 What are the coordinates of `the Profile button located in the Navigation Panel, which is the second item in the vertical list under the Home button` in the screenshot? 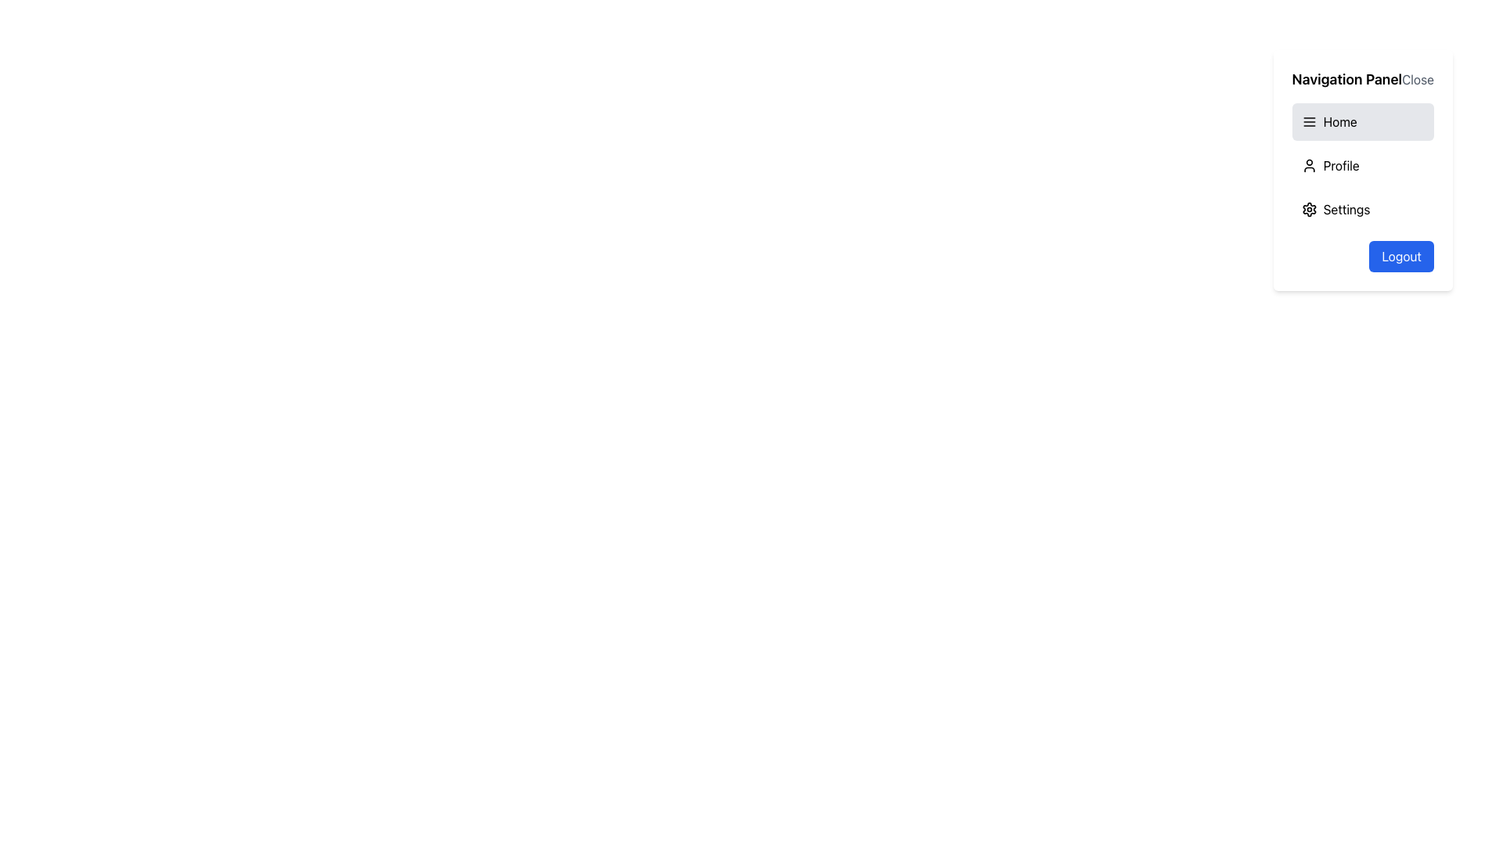 It's located at (1362, 166).